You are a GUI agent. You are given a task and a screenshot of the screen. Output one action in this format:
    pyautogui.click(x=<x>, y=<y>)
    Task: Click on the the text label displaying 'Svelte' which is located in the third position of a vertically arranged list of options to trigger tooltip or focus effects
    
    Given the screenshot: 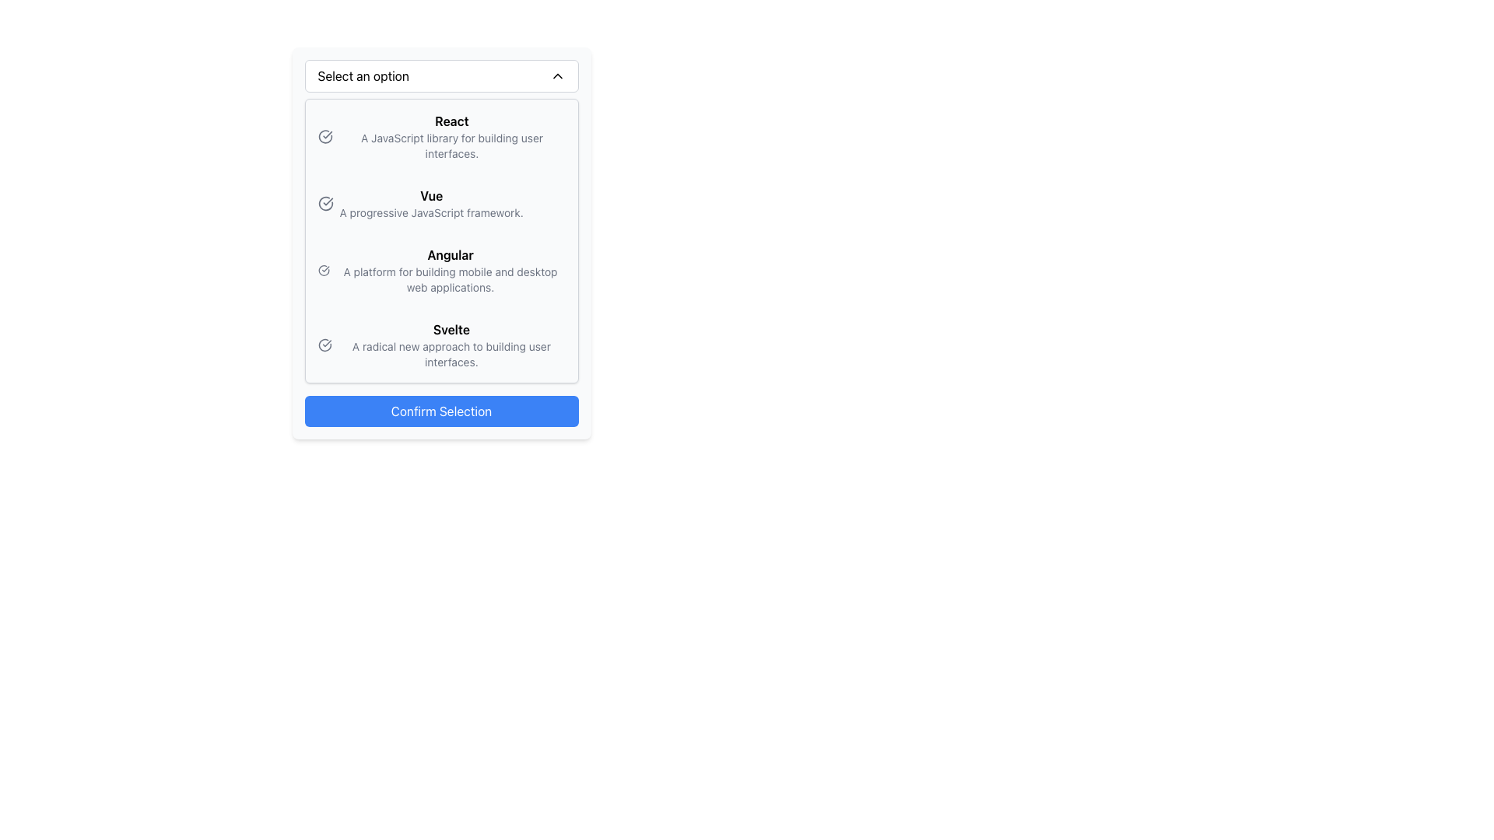 What is the action you would take?
    pyautogui.click(x=451, y=344)
    